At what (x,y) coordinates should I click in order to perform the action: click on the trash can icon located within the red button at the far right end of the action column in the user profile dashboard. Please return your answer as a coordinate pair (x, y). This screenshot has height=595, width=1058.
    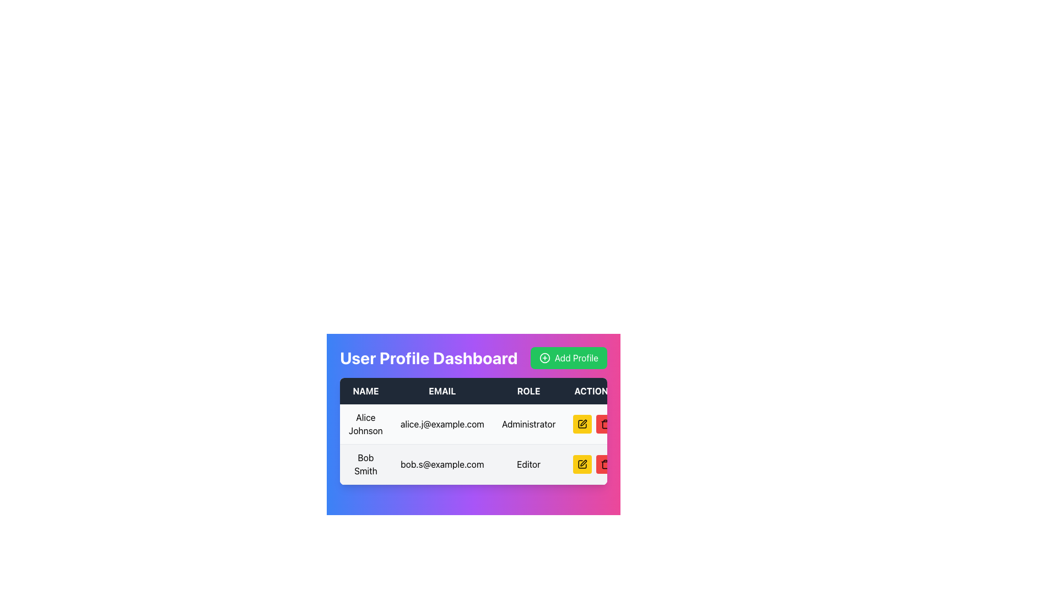
    Looking at the image, I should click on (605, 424).